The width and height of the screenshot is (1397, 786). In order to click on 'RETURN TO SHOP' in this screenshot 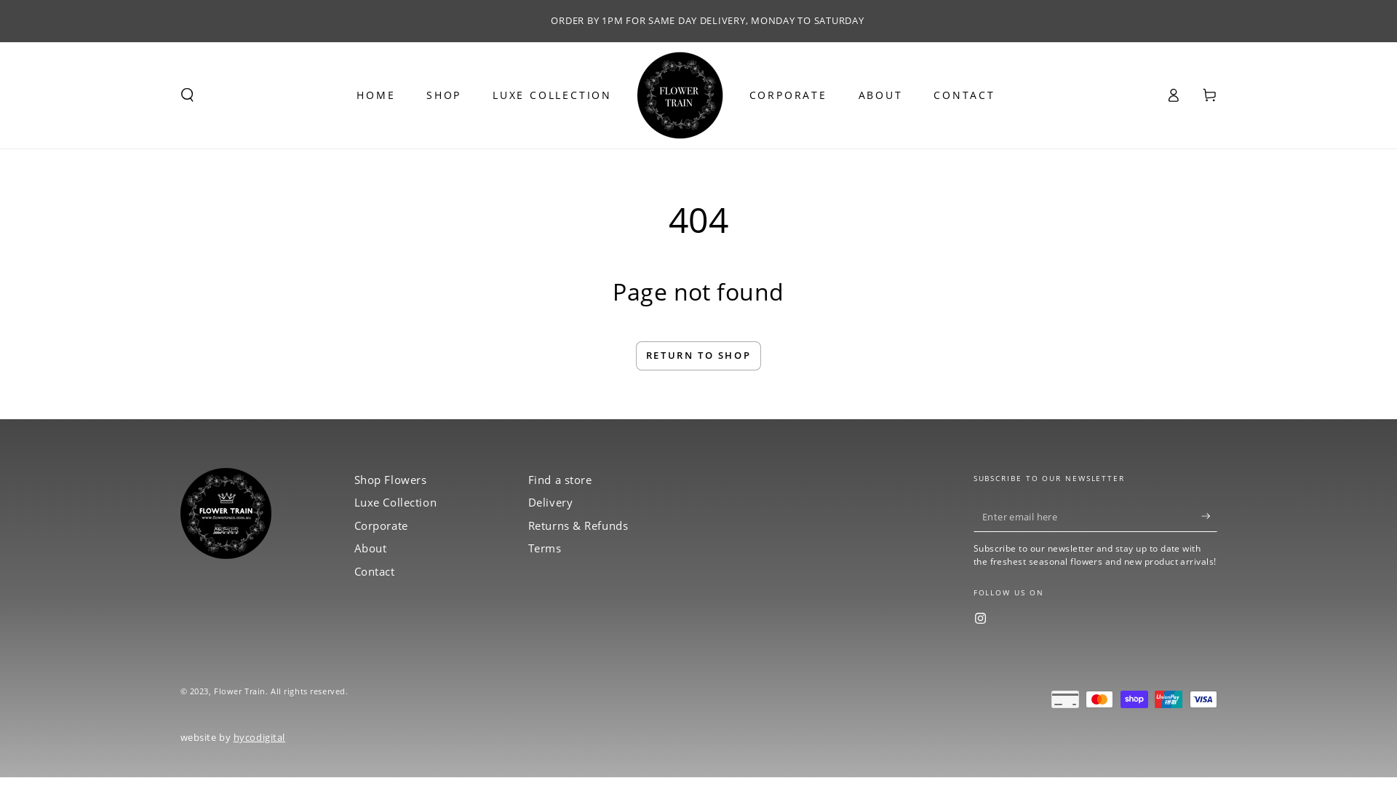, I will do `click(698, 355)`.